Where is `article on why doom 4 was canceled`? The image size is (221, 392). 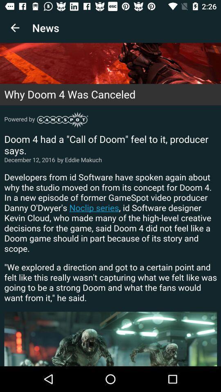 article on why doom 4 was canceled is located at coordinates (110, 204).